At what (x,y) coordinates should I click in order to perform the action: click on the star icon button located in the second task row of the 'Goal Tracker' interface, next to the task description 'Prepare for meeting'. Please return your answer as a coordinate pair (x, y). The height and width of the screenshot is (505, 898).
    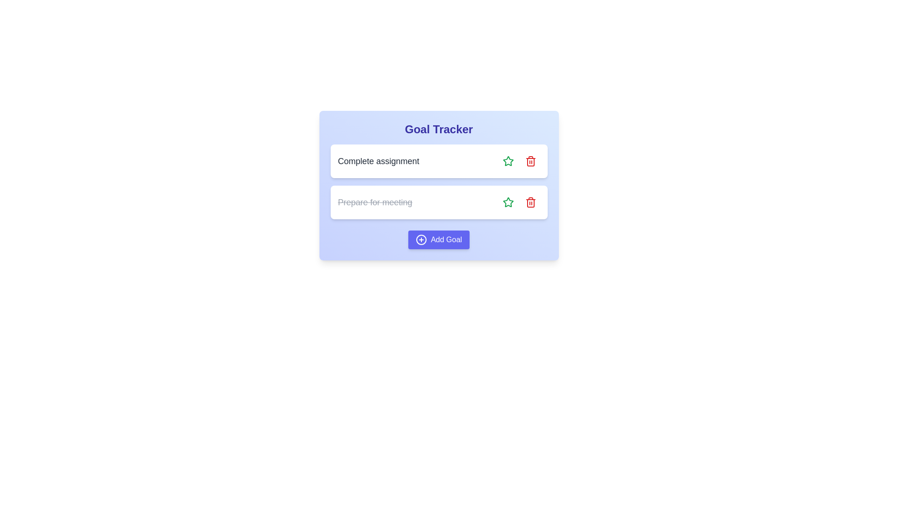
    Looking at the image, I should click on (507, 160).